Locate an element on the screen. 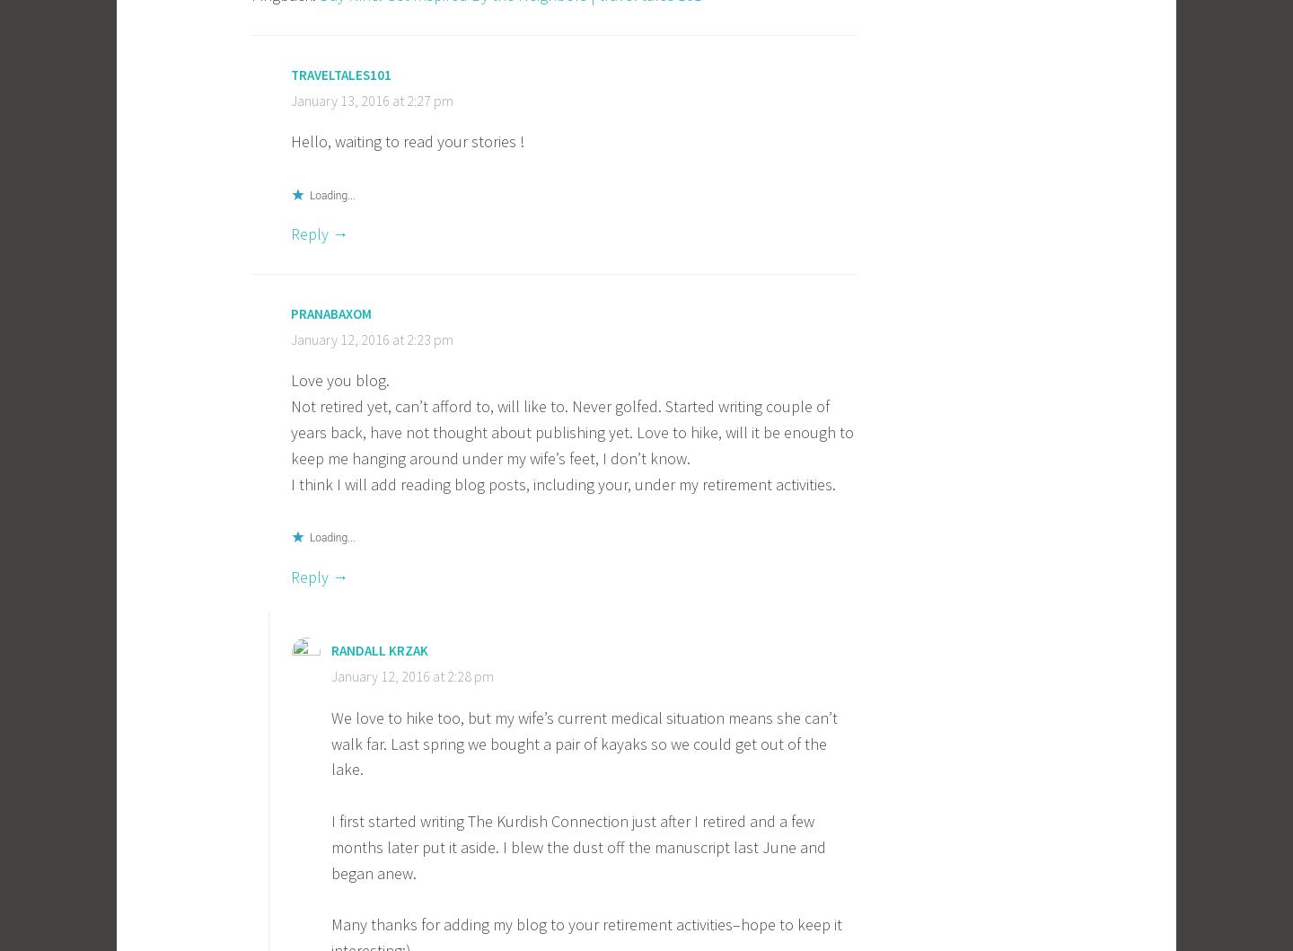 Image resolution: width=1293 pixels, height=951 pixels. 'pranabaxom' is located at coordinates (330, 312).